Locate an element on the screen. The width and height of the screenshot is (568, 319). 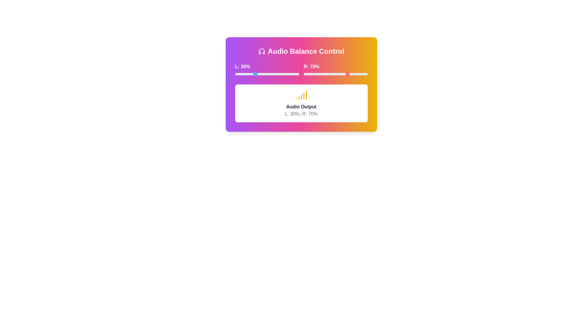
the right volume slider to 16% is located at coordinates (313, 74).